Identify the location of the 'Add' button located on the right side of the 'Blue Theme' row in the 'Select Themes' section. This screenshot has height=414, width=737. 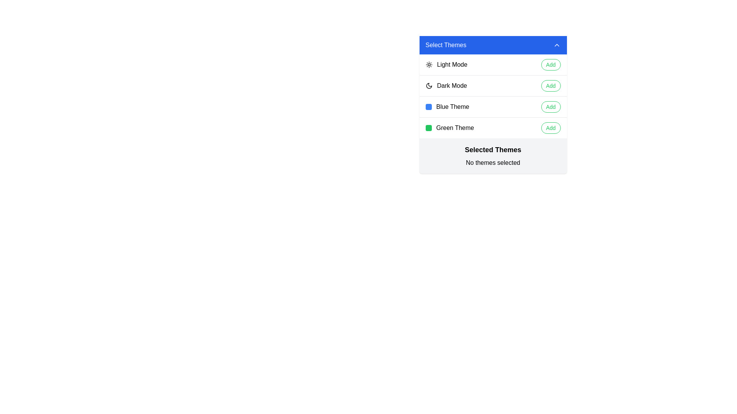
(493, 107).